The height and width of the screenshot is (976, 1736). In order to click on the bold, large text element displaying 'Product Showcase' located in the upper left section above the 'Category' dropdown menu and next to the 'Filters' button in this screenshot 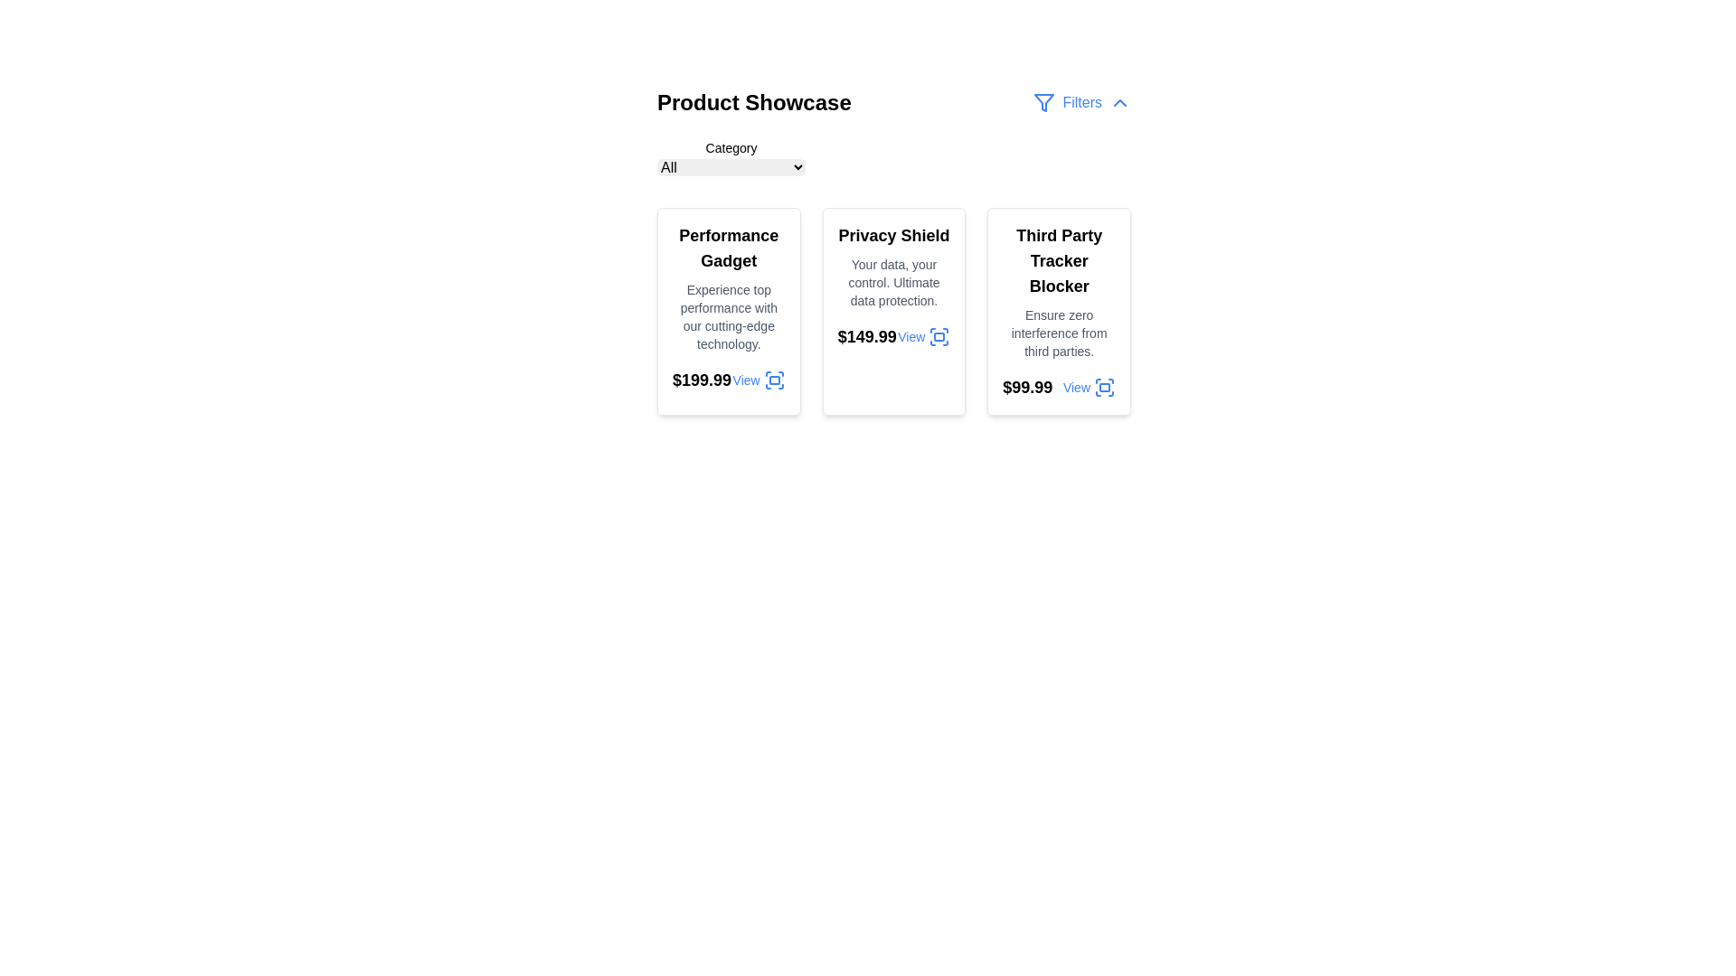, I will do `click(754, 103)`.